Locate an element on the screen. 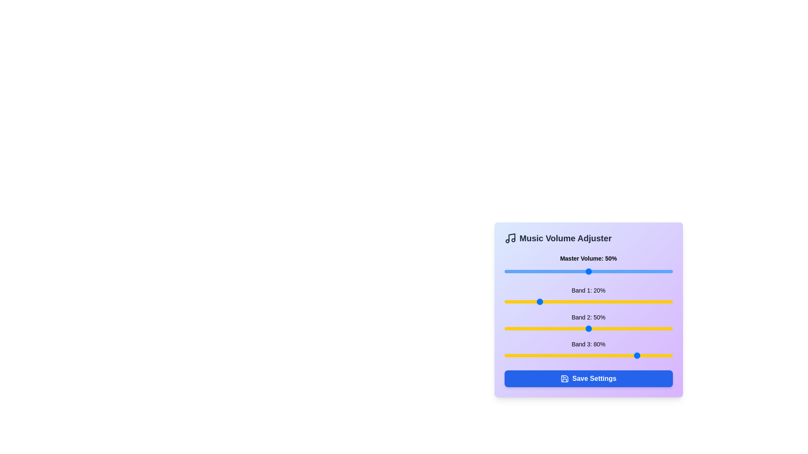 This screenshot has height=454, width=808. the yellow track of the horizontal slider located under 'Band 3: 80%' to set a value is located at coordinates (588, 355).